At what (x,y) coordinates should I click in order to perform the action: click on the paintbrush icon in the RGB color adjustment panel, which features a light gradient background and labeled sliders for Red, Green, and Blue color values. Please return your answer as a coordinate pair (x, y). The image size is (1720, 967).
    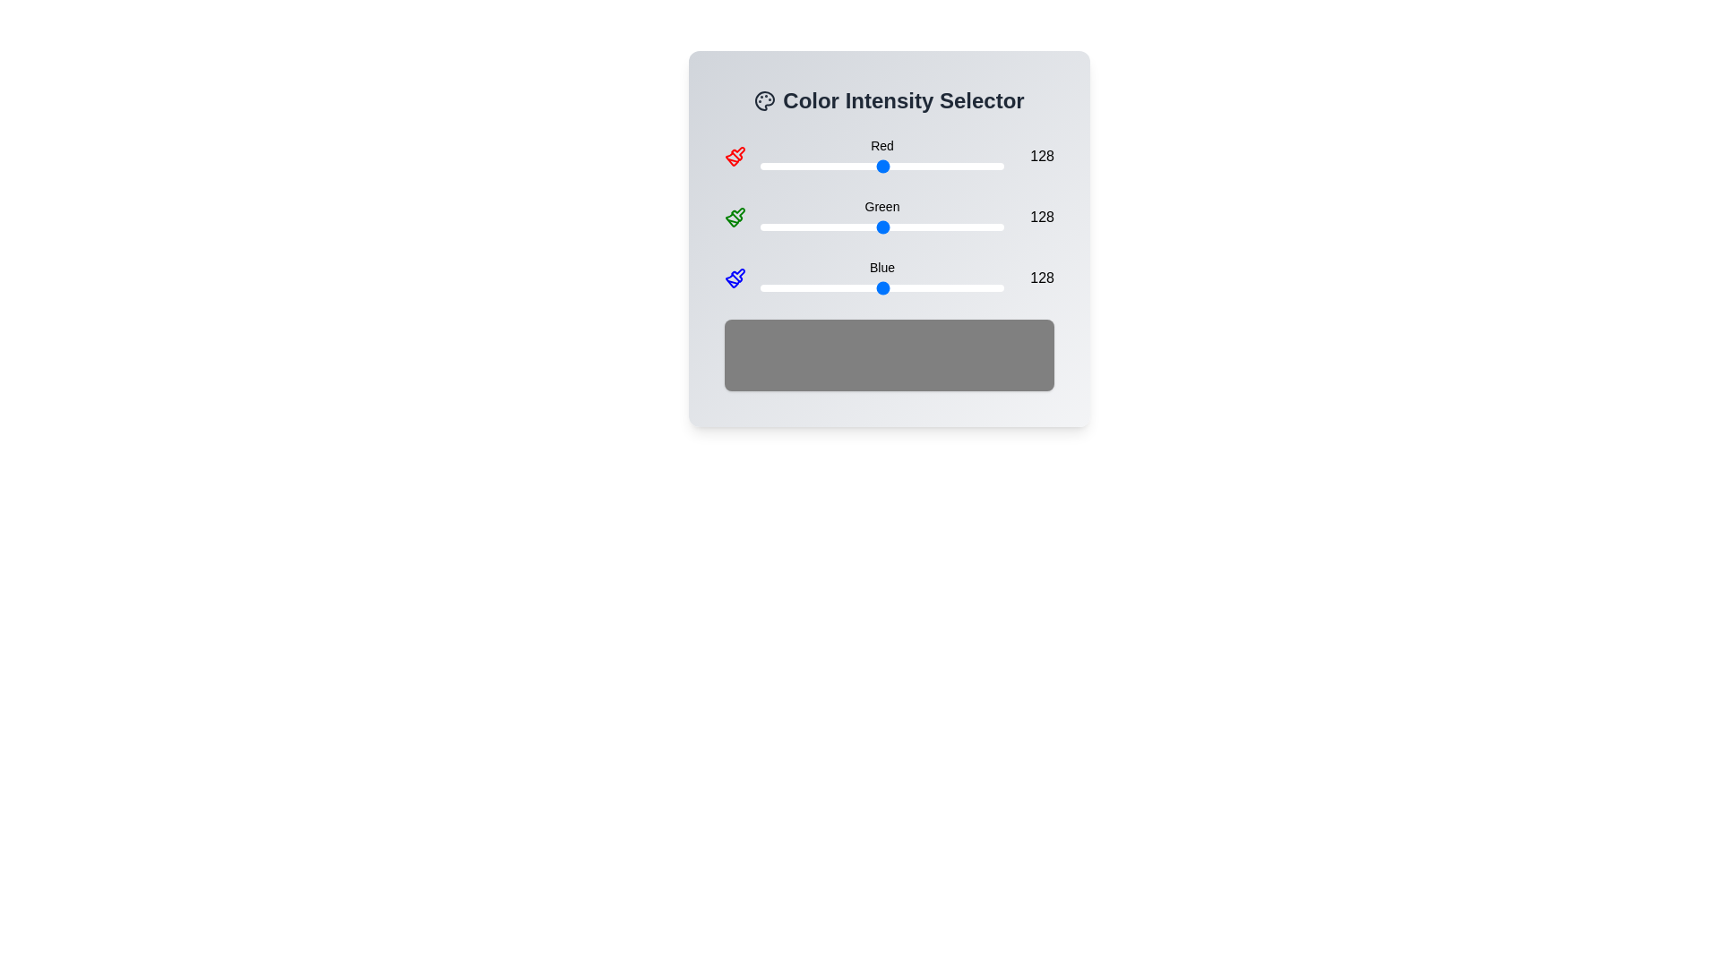
    Looking at the image, I should click on (890, 237).